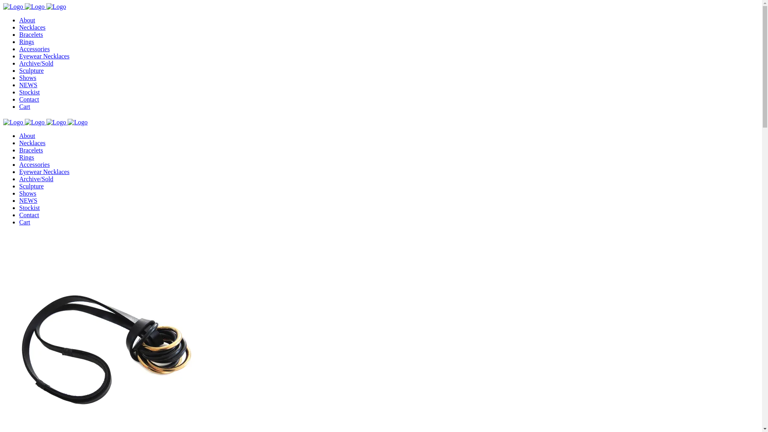 The width and height of the screenshot is (768, 432). I want to click on 'Archive/Sold', so click(36, 63).